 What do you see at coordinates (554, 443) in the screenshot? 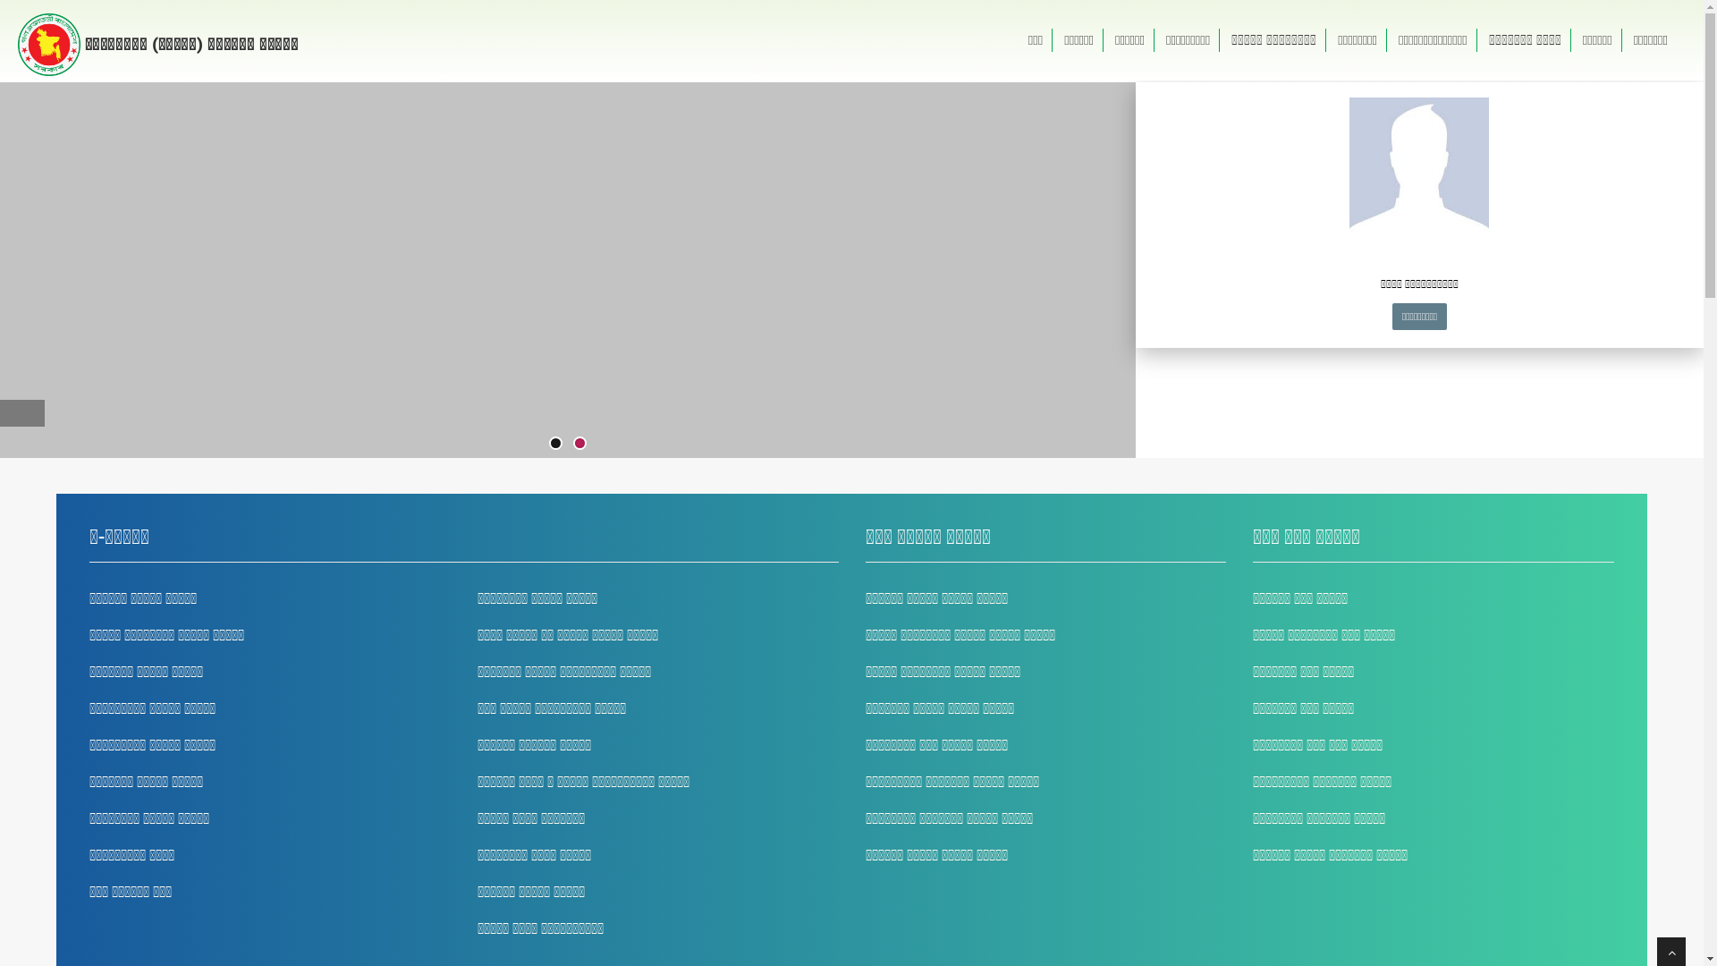
I see `'1'` at bounding box center [554, 443].